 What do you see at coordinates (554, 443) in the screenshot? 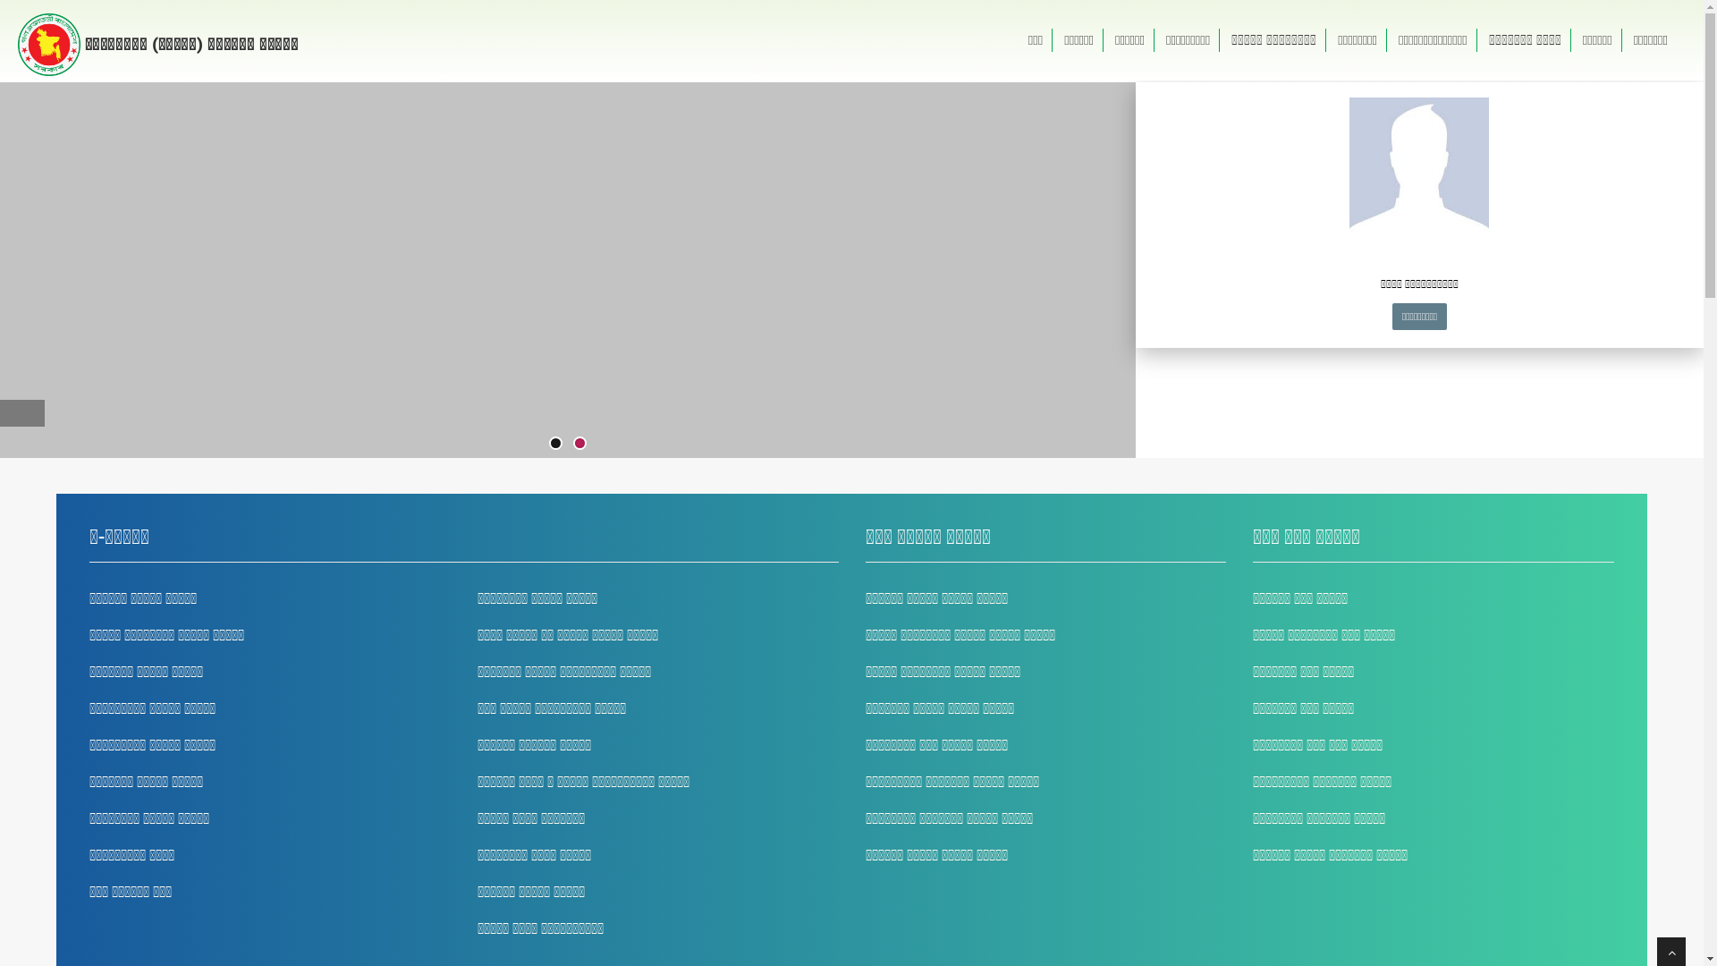
I see `'1'` at bounding box center [554, 443].